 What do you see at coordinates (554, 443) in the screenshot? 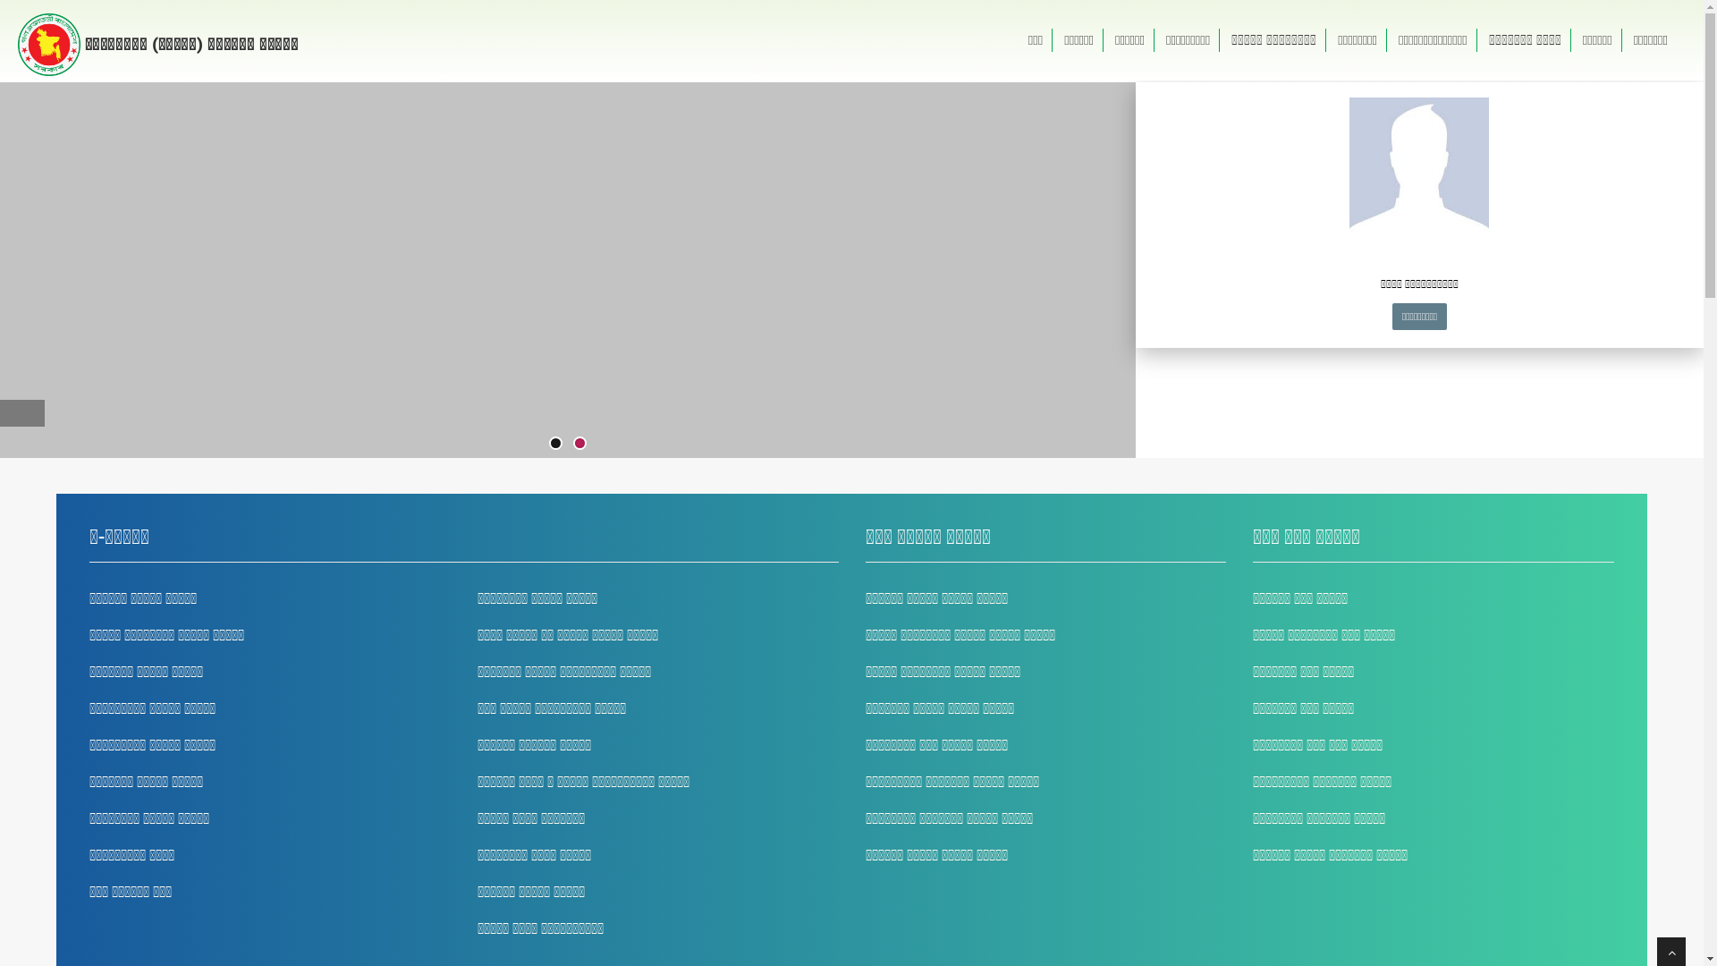
I see `'1'` at bounding box center [554, 443].